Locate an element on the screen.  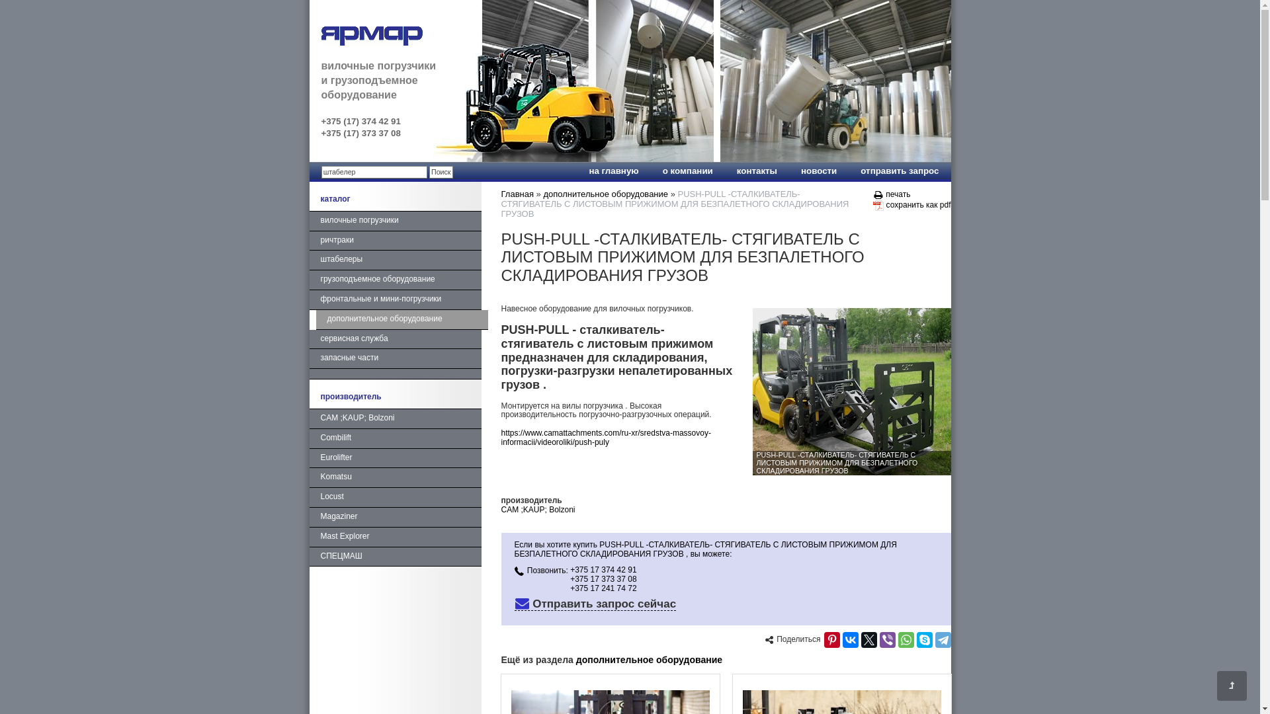
'+375 17 373 37 08' is located at coordinates (570, 578).